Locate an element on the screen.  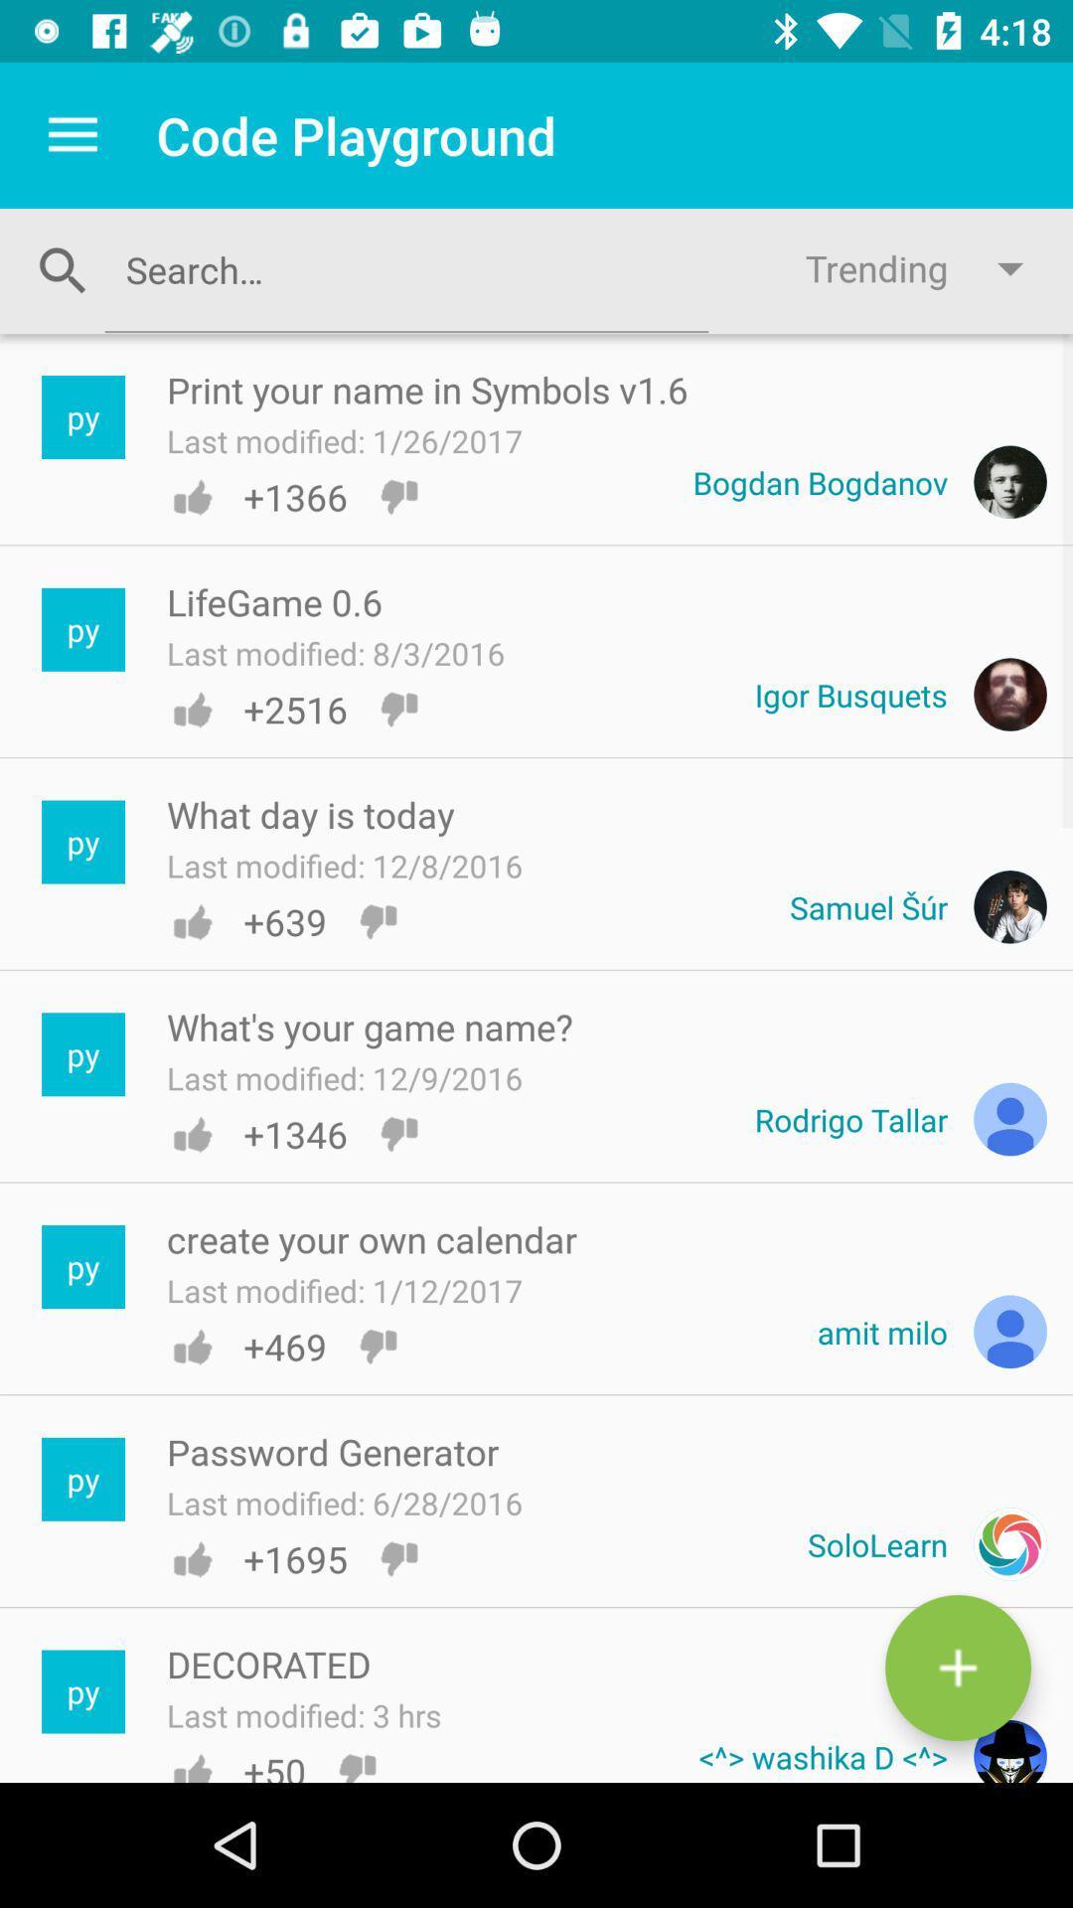
search pega is located at coordinates (405, 268).